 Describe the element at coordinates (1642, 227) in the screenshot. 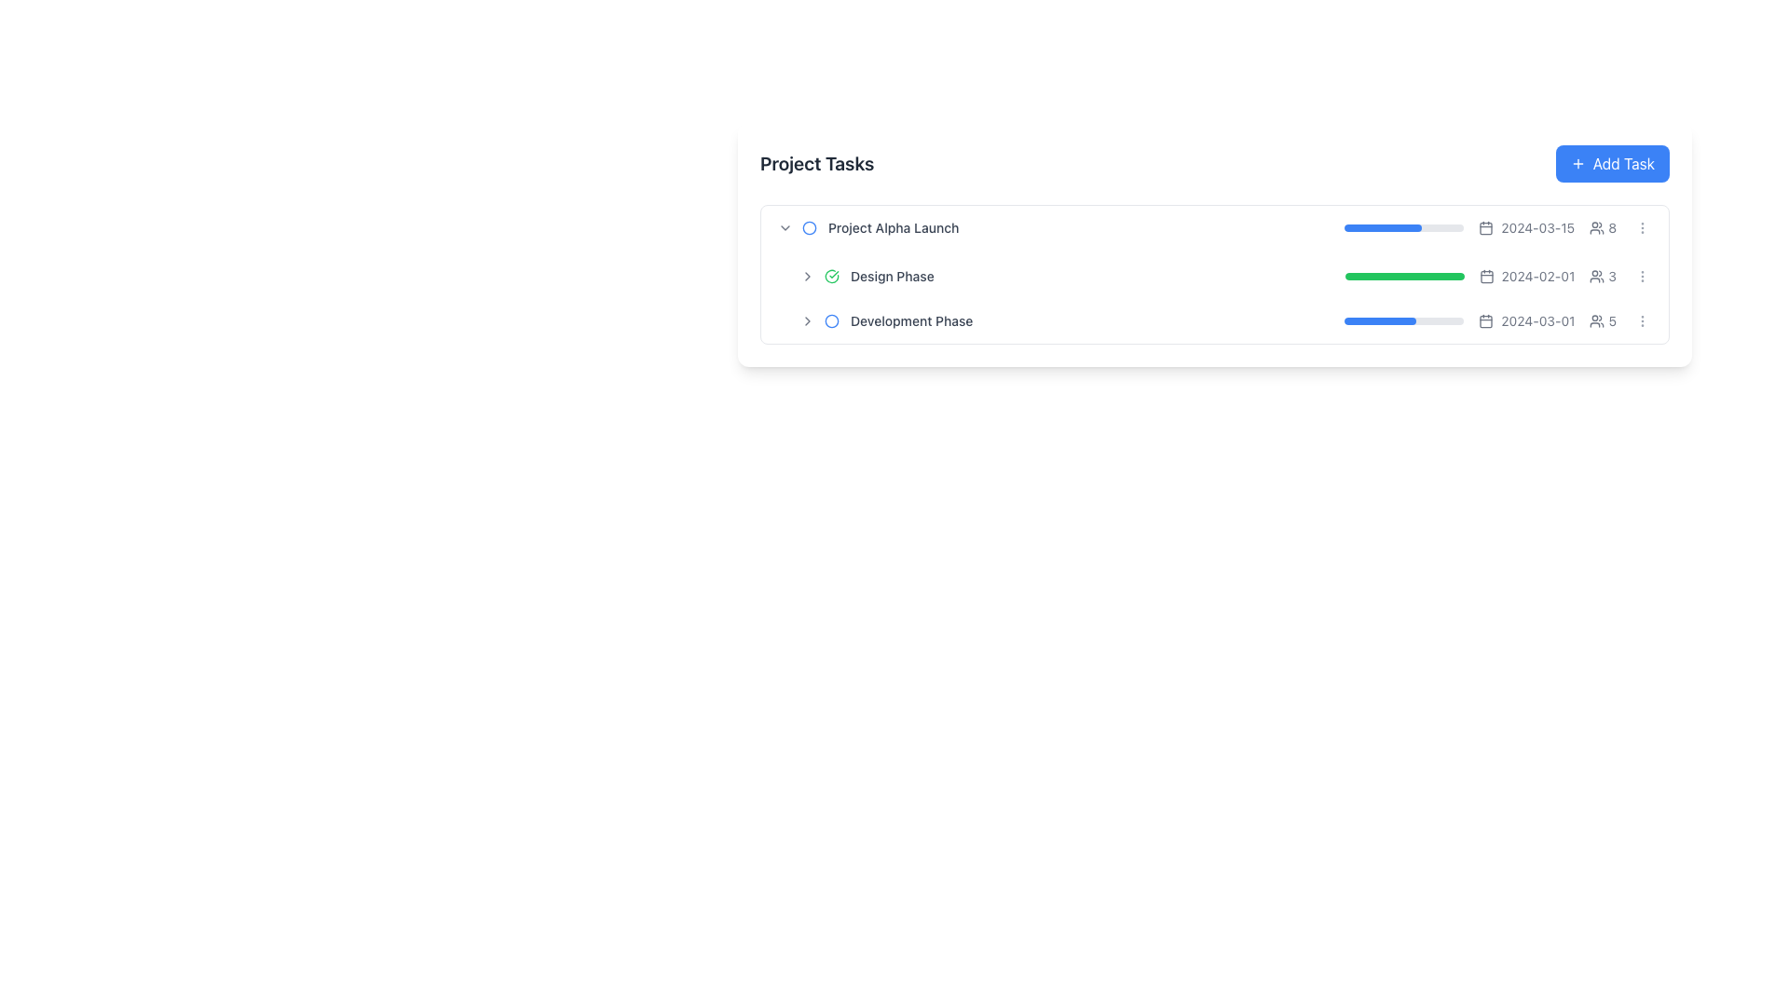

I see `the button located to the far right of the row corresponding to the 'Design Phase' task` at that location.